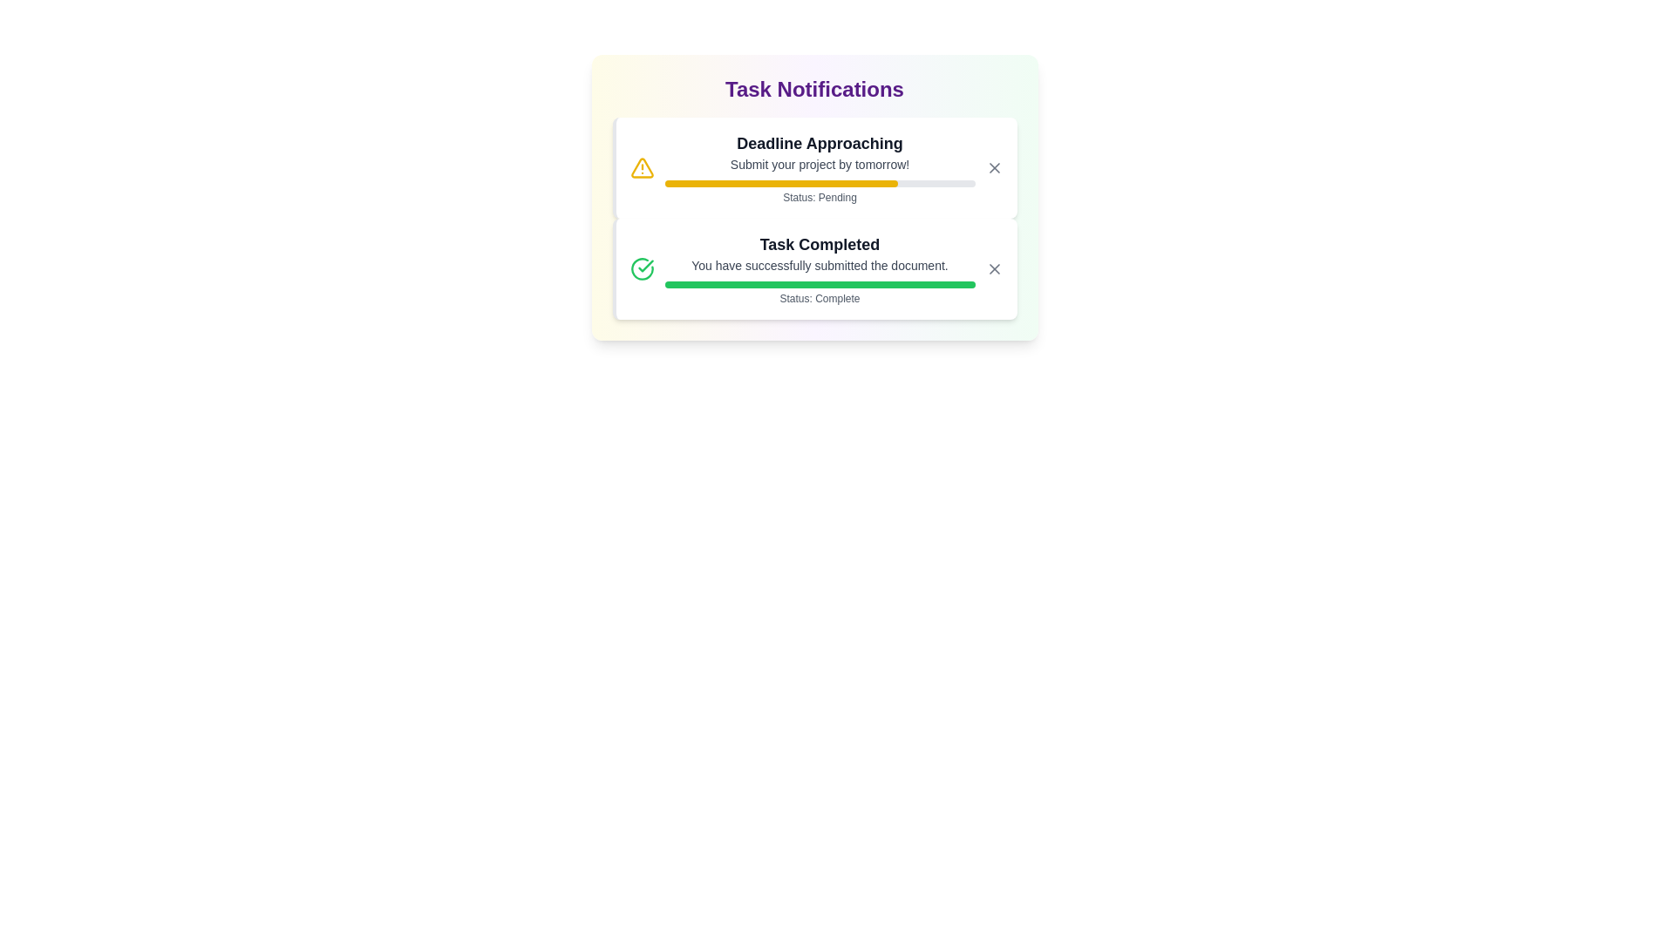 This screenshot has width=1674, height=941. Describe the element at coordinates (641, 167) in the screenshot. I see `the notification icon for Deadline Approaching` at that location.